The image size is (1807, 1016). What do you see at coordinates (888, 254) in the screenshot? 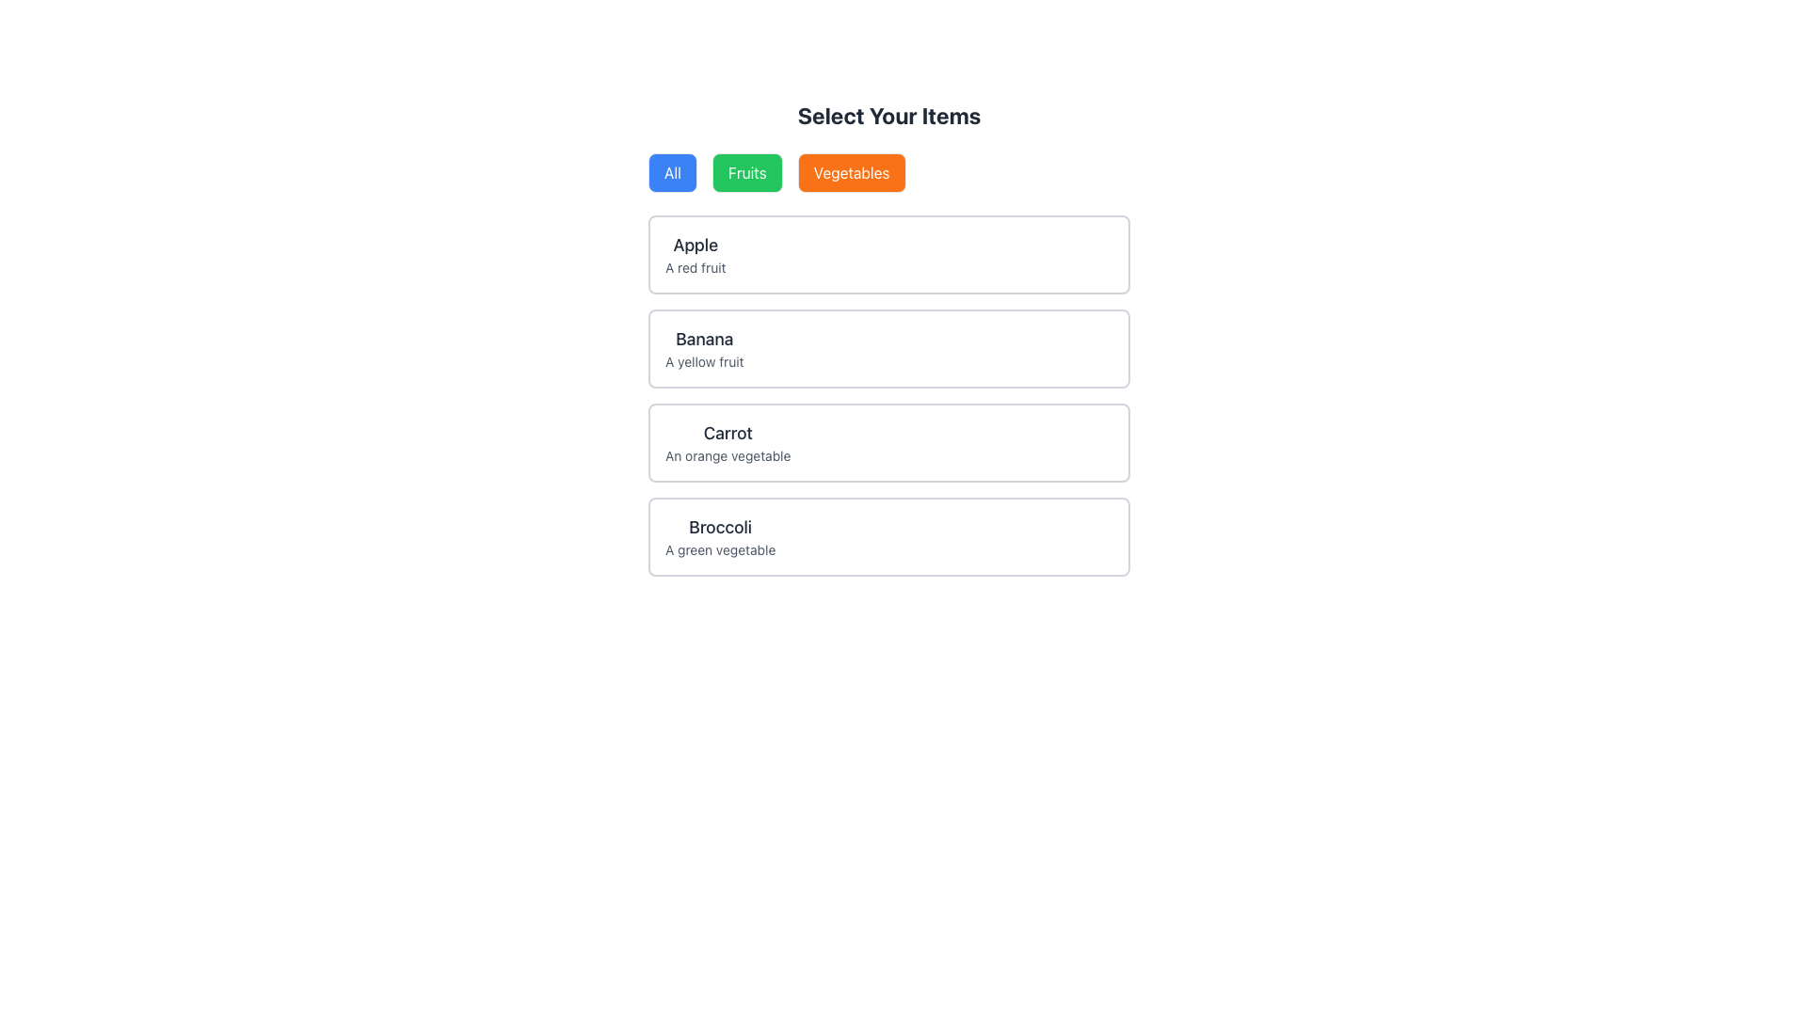
I see `the first item card in the list representing 'Apple'` at bounding box center [888, 254].